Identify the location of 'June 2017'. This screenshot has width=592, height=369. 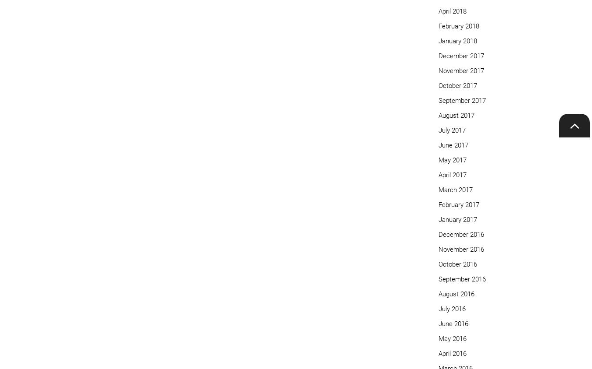
(453, 144).